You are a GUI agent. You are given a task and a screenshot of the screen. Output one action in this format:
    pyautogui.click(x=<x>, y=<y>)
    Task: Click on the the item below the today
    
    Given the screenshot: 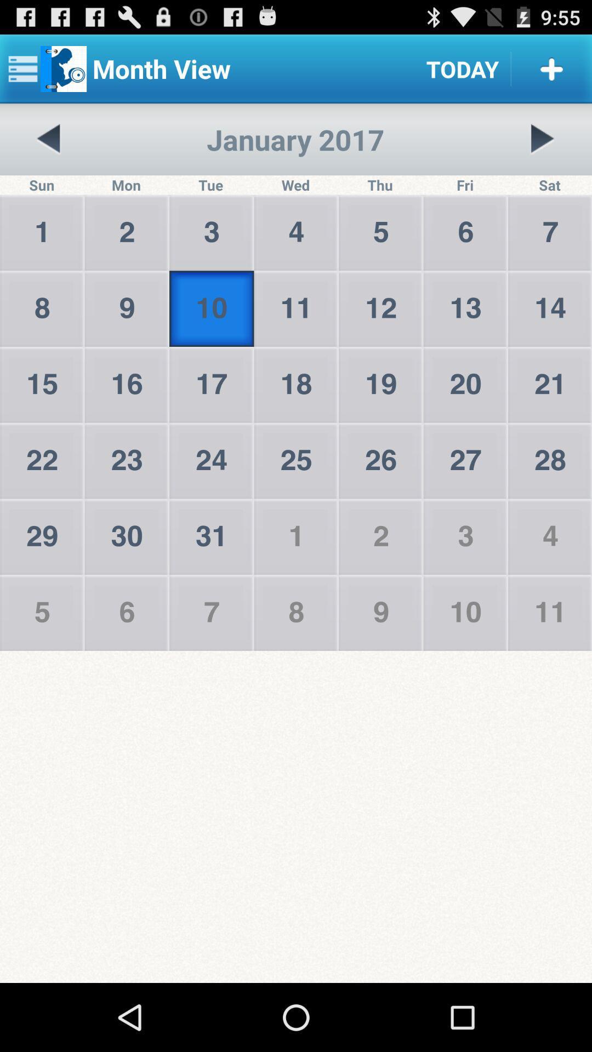 What is the action you would take?
    pyautogui.click(x=542, y=139)
    